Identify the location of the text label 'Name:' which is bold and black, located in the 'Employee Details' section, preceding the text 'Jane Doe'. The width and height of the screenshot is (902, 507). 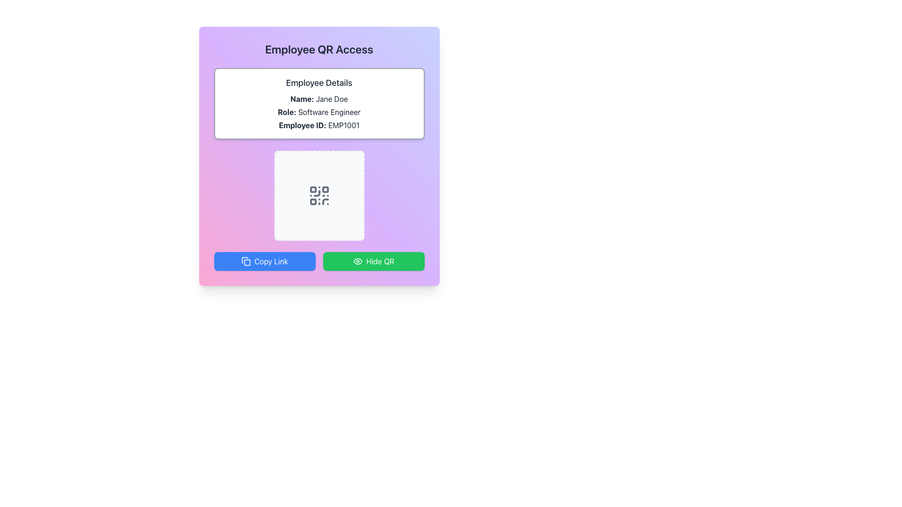
(302, 99).